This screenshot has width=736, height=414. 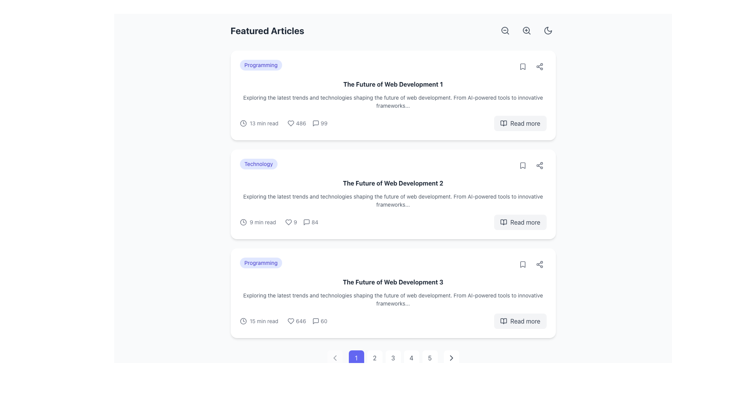 What do you see at coordinates (243, 321) in the screenshot?
I see `the clock icon indicating the reading duration for the article 'The Future of Web Development 3', located in the lower-left corner of the card` at bounding box center [243, 321].